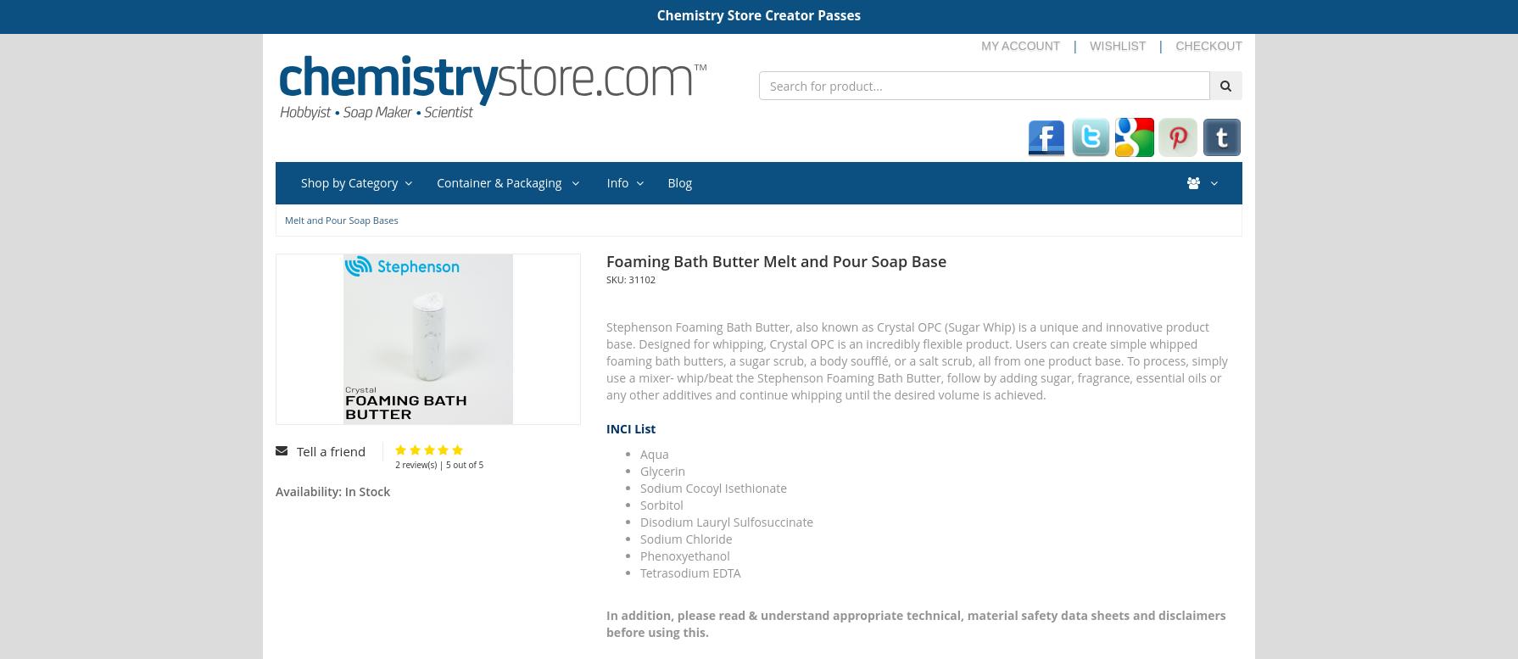 The height and width of the screenshot is (659, 1518). What do you see at coordinates (712, 487) in the screenshot?
I see `'Sodium Cocoyl Isethionate'` at bounding box center [712, 487].